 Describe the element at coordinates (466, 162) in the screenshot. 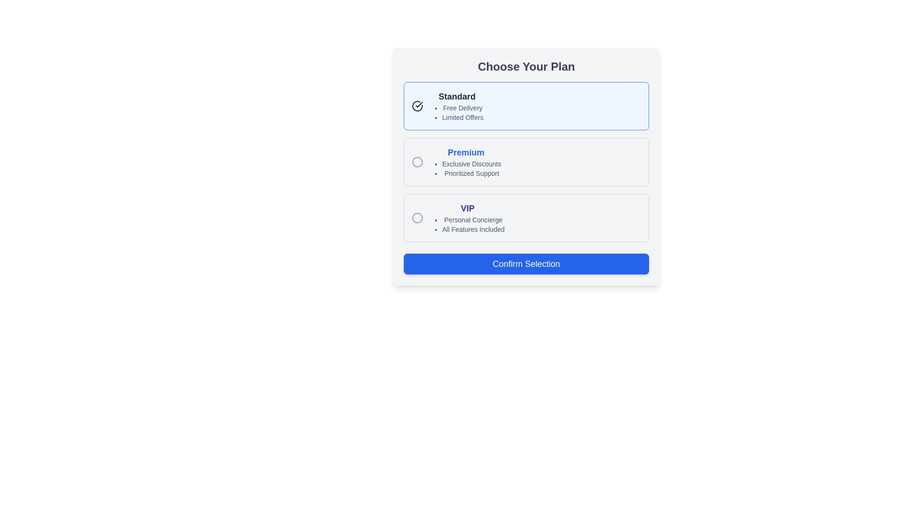

I see `'Premium' subscription tier element located in the middle of the vertically aligned list, positioned between the 'Standard' and 'VIP' plans` at that location.